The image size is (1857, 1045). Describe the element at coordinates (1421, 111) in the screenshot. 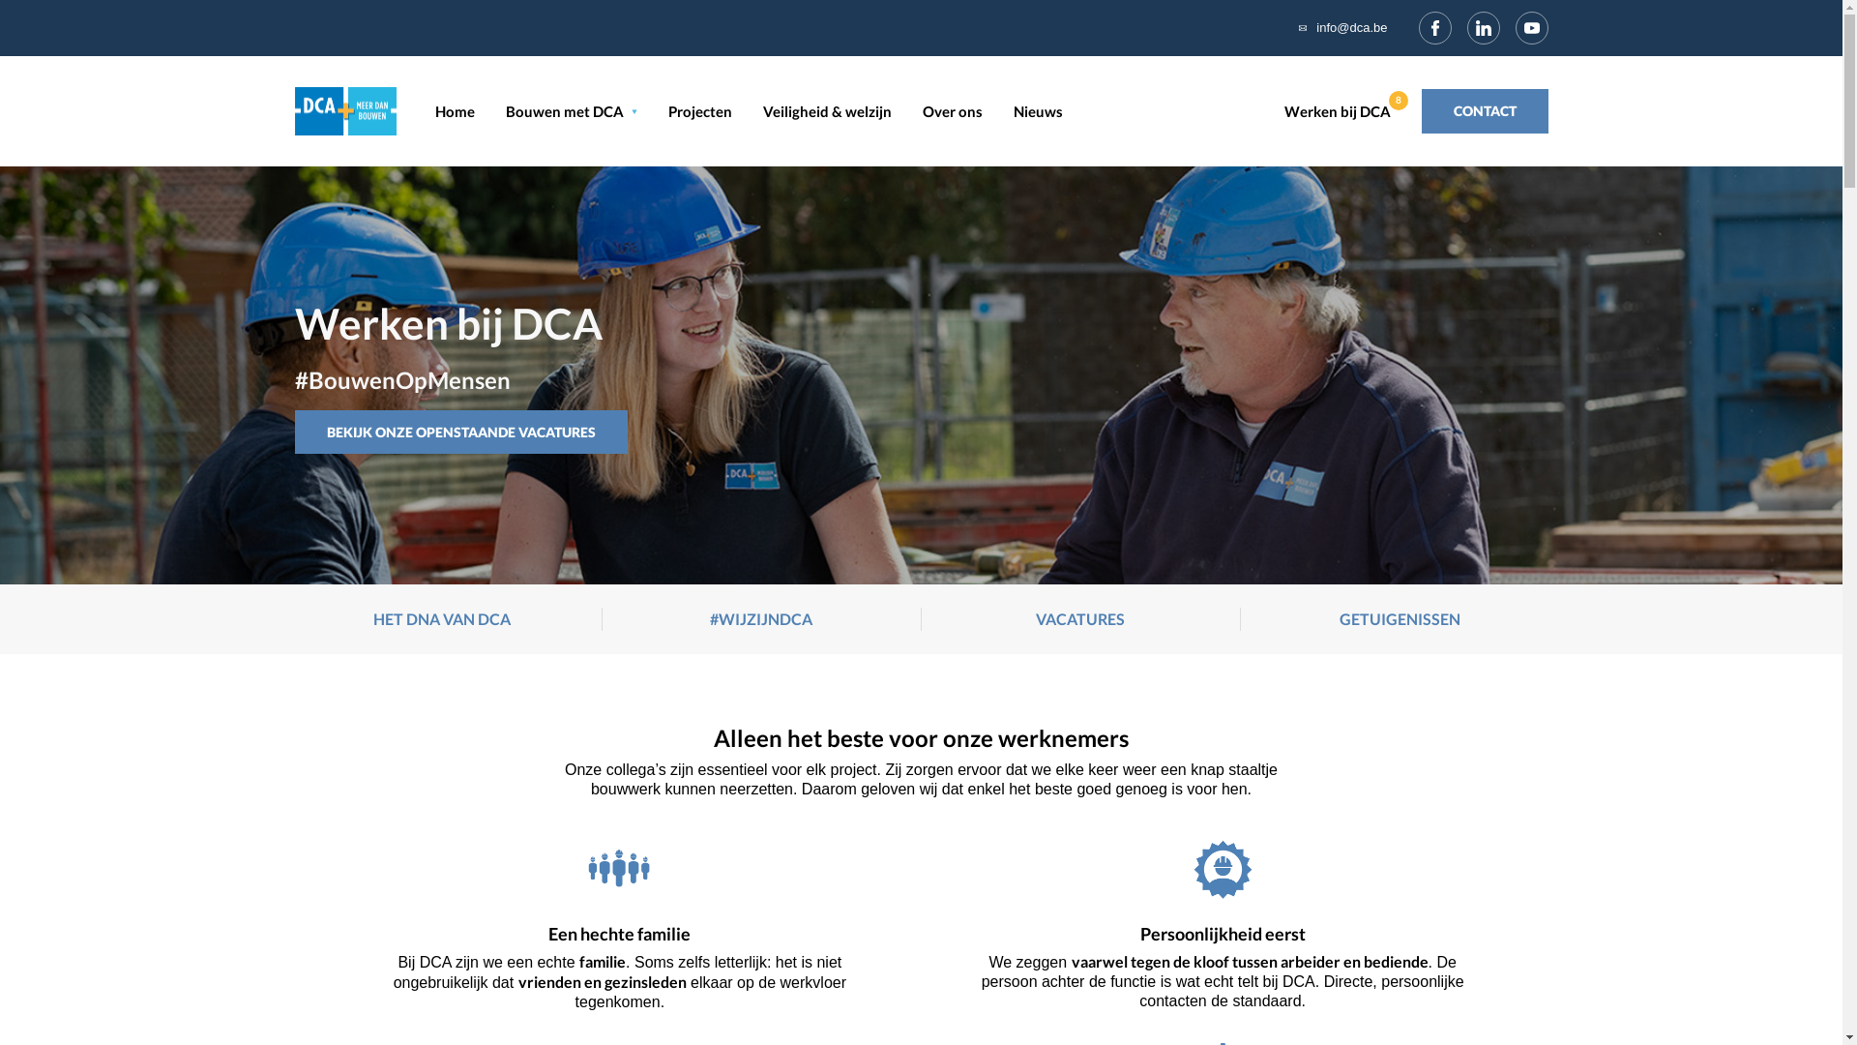

I see `'CONTACT'` at that location.